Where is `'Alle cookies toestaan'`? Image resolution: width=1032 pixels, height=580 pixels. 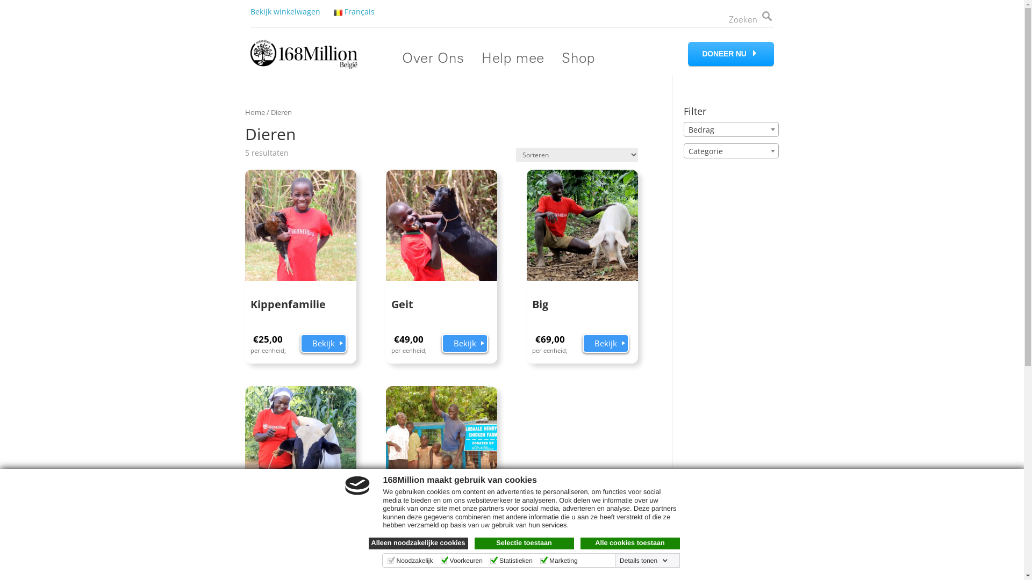
'Alle cookies toestaan' is located at coordinates (580, 543).